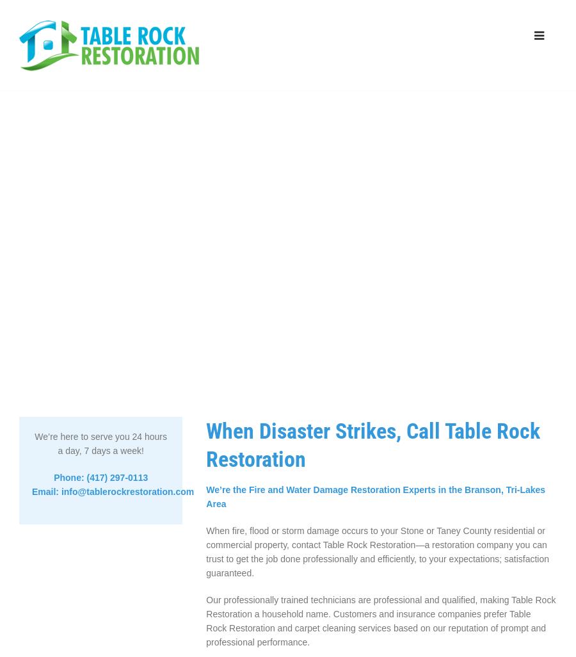 This screenshot has width=576, height=657. I want to click on 'Phone: (417) 297-0113', so click(100, 478).